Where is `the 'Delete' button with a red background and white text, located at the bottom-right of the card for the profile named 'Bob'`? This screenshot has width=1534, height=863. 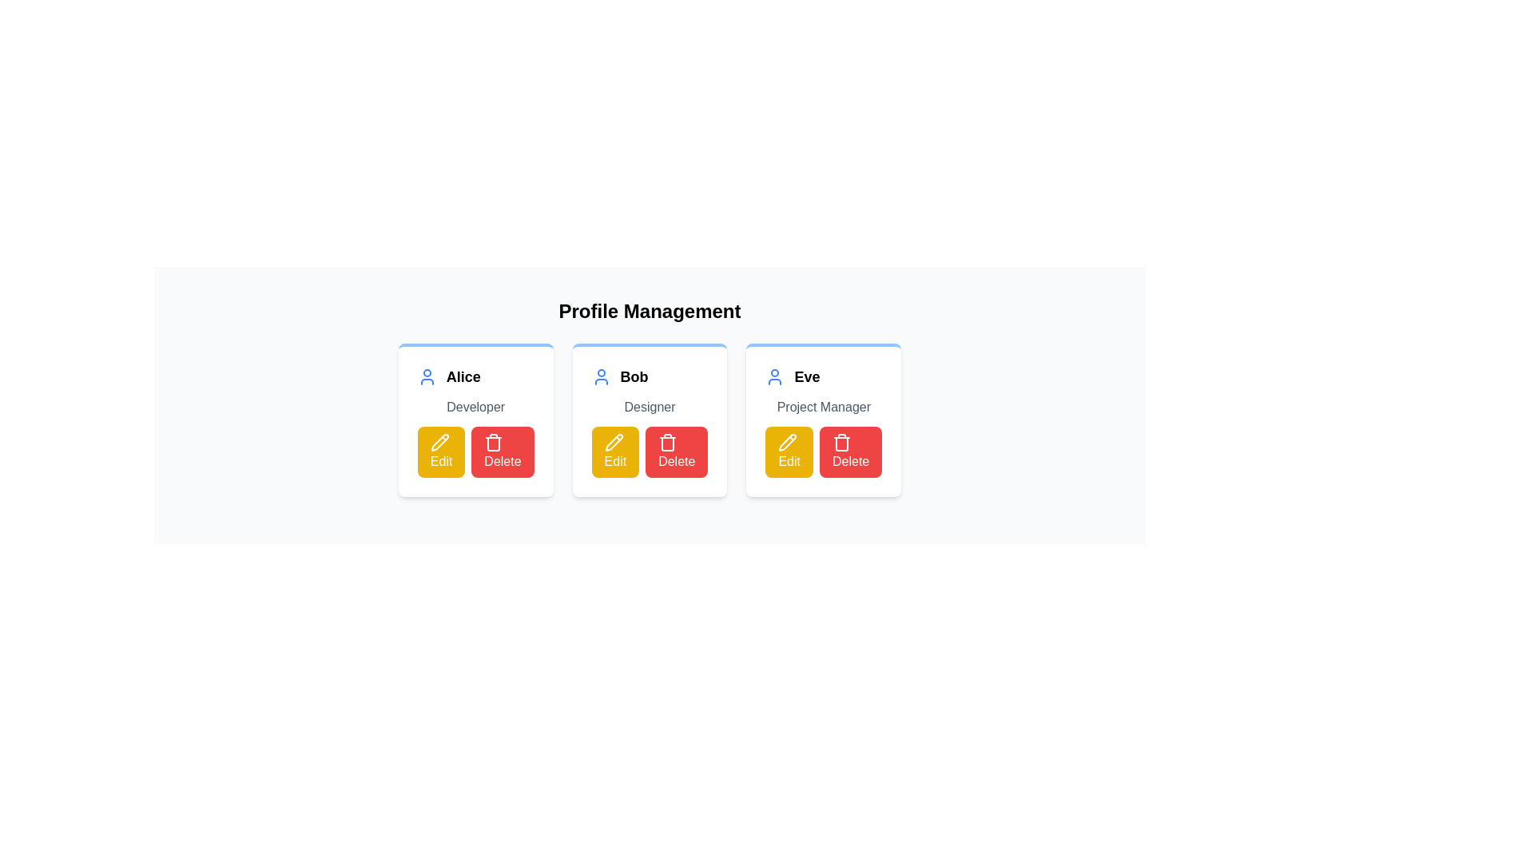 the 'Delete' button with a red background and white text, located at the bottom-right of the card for the profile named 'Bob' is located at coordinates (677, 452).